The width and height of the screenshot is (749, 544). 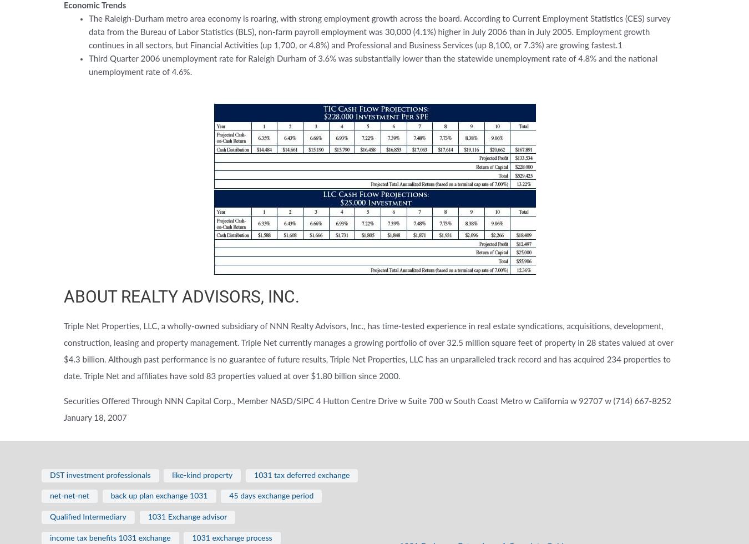 I want to click on 'income tax benefits 1031 exchange', so click(x=49, y=538).